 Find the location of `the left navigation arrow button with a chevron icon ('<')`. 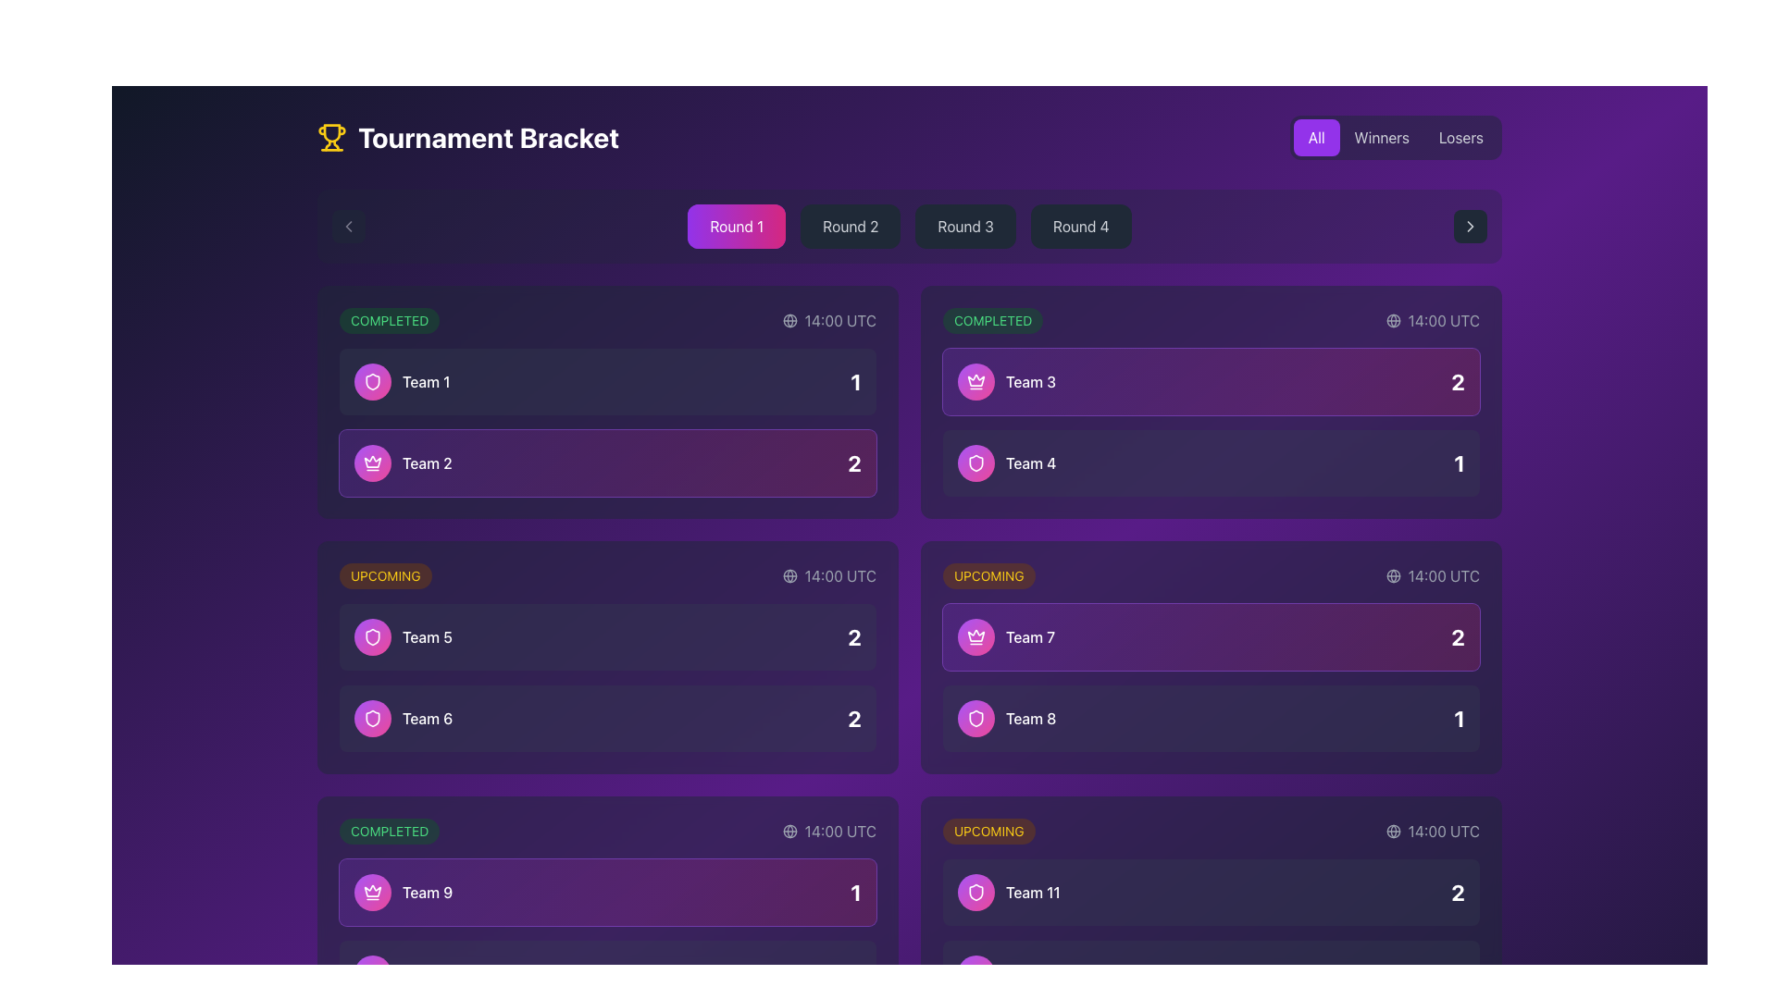

the left navigation arrow button with a chevron icon ('<') is located at coordinates (349, 226).